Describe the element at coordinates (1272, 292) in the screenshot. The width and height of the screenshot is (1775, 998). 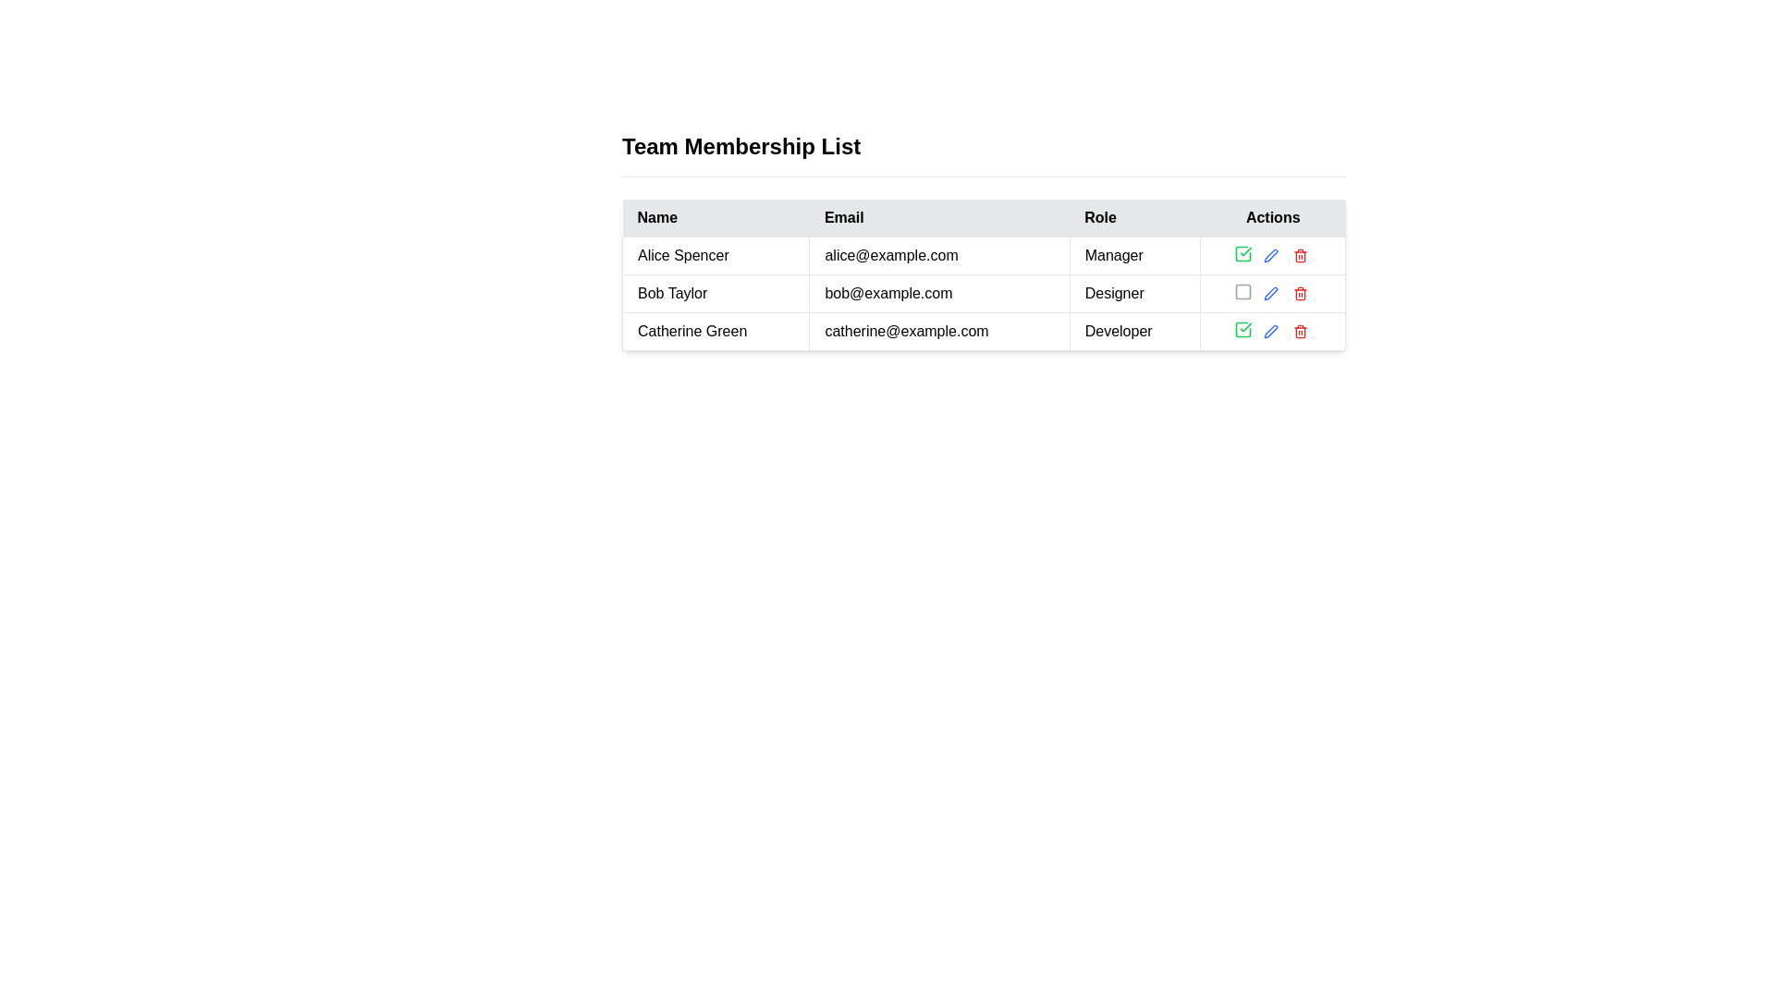
I see `the blue pen icon button located in the 'Actions' column for 'Bob Taylor' by` at that location.